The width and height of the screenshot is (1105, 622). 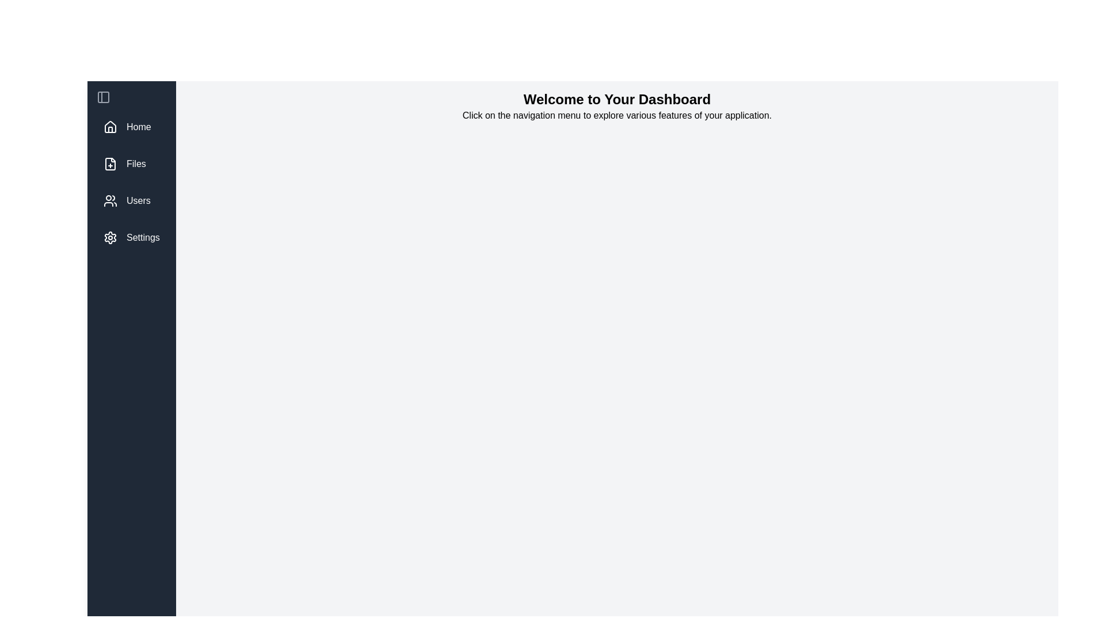 I want to click on an item in the Navigation Menu located on the left sidebar, so click(x=131, y=181).